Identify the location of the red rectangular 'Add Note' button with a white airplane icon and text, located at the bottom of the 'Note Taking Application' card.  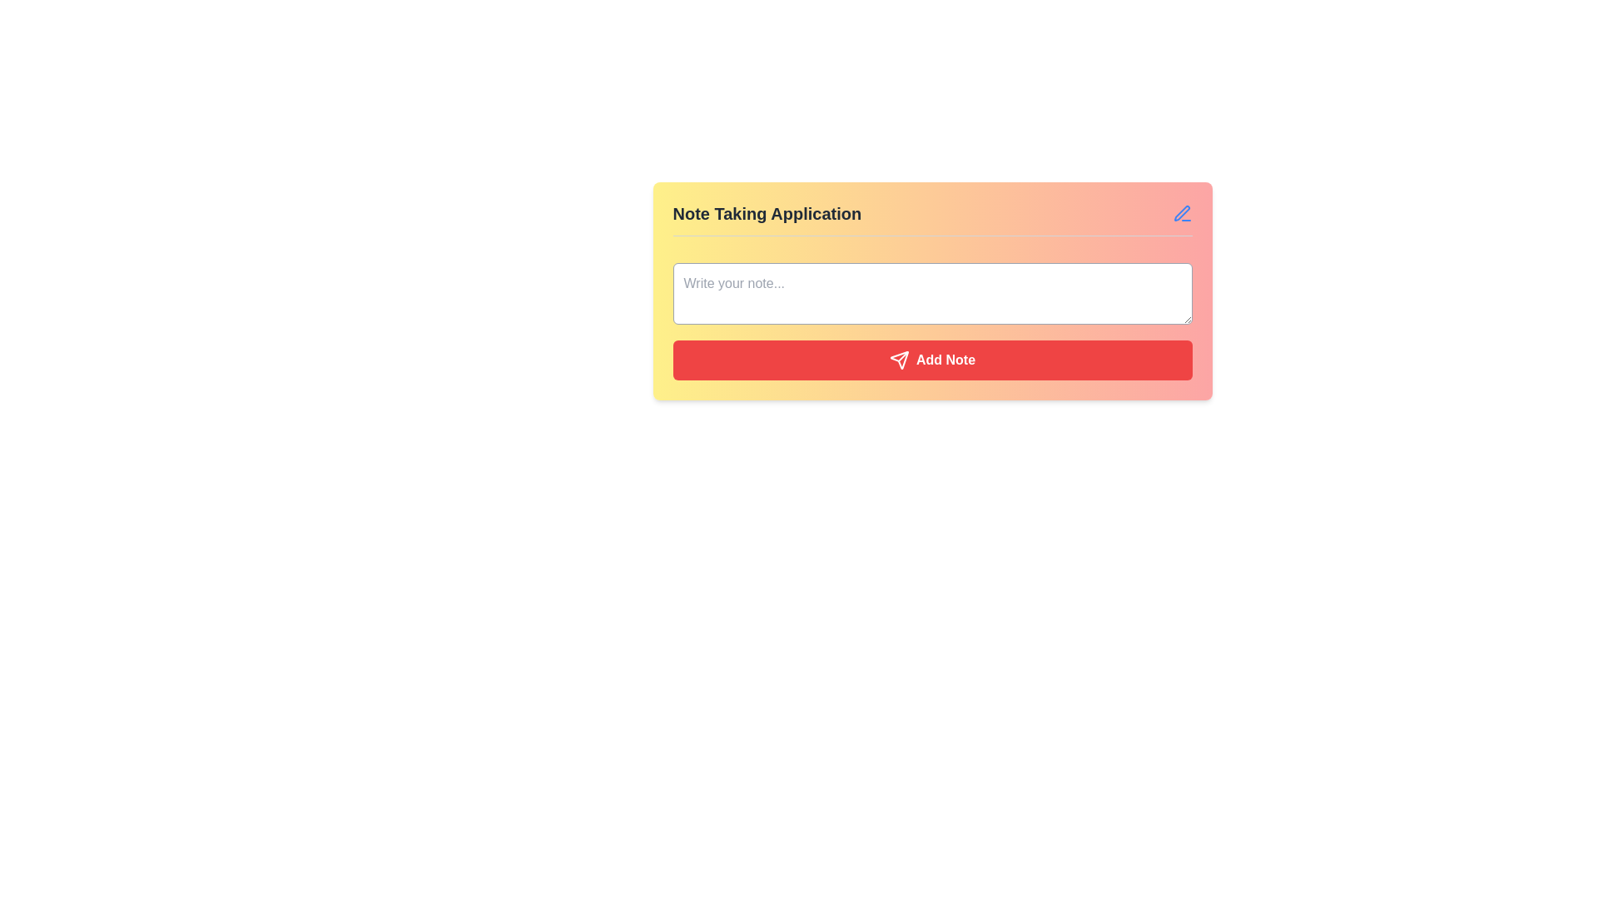
(932, 359).